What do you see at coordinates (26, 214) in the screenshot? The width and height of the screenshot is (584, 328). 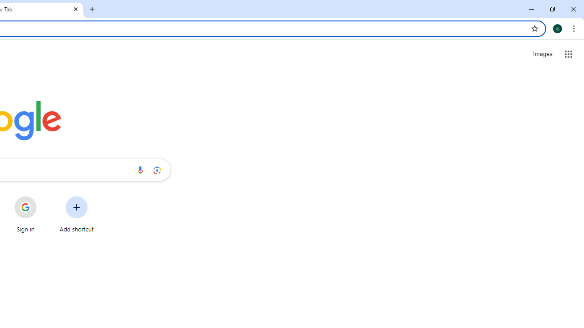 I see `'Sign in'` at bounding box center [26, 214].